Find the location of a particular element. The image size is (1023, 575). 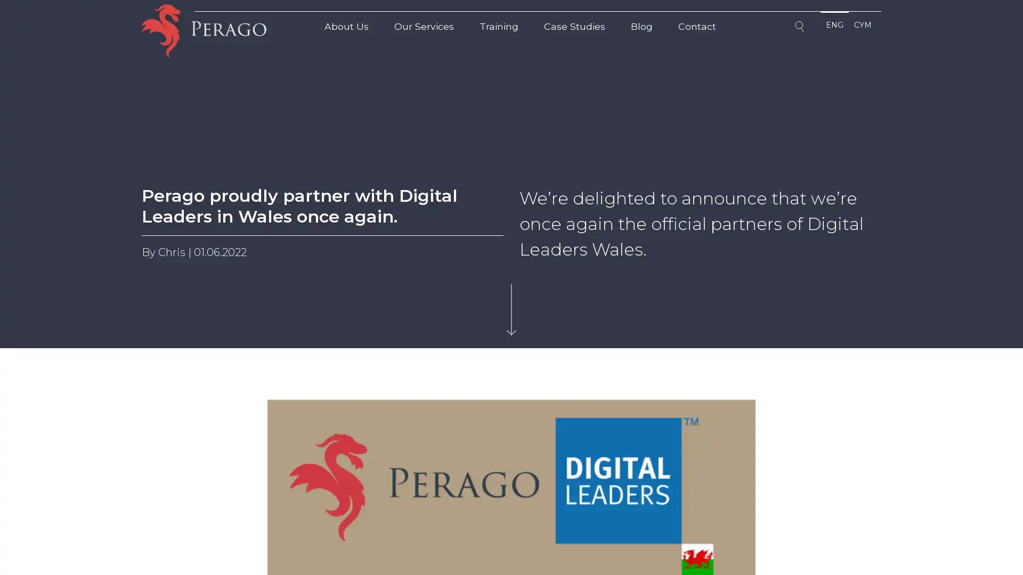

Search button is located at coordinates (801, 28).